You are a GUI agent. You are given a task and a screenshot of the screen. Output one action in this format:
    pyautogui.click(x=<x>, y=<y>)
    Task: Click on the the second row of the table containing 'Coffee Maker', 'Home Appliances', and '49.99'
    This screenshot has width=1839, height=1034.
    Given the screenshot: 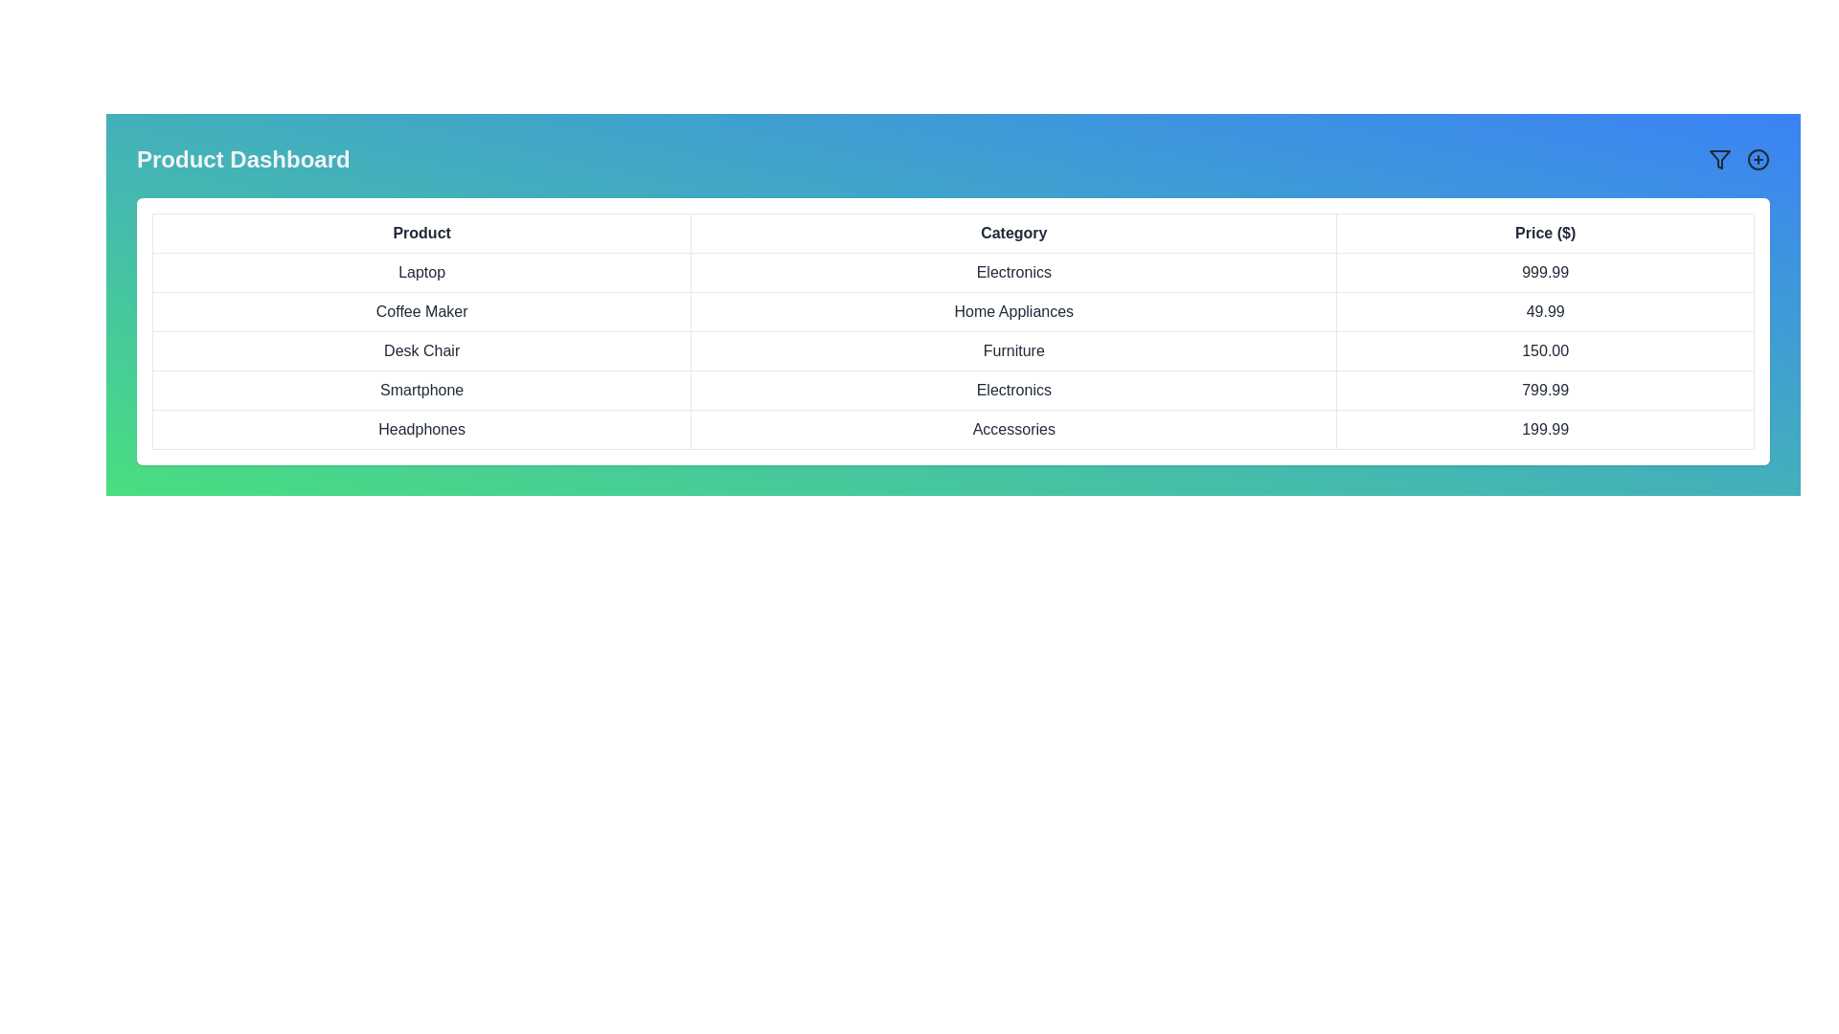 What is the action you would take?
    pyautogui.click(x=953, y=311)
    